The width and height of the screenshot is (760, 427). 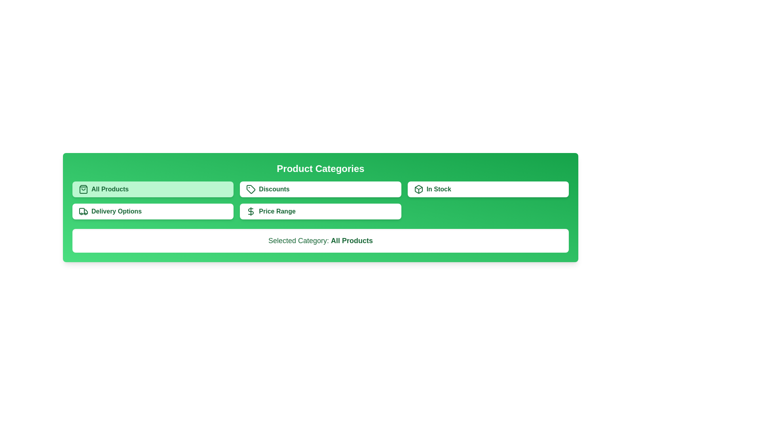 What do you see at coordinates (153, 189) in the screenshot?
I see `the category selection button located in the top-left corner of the grid layout to trigger a focus ring` at bounding box center [153, 189].